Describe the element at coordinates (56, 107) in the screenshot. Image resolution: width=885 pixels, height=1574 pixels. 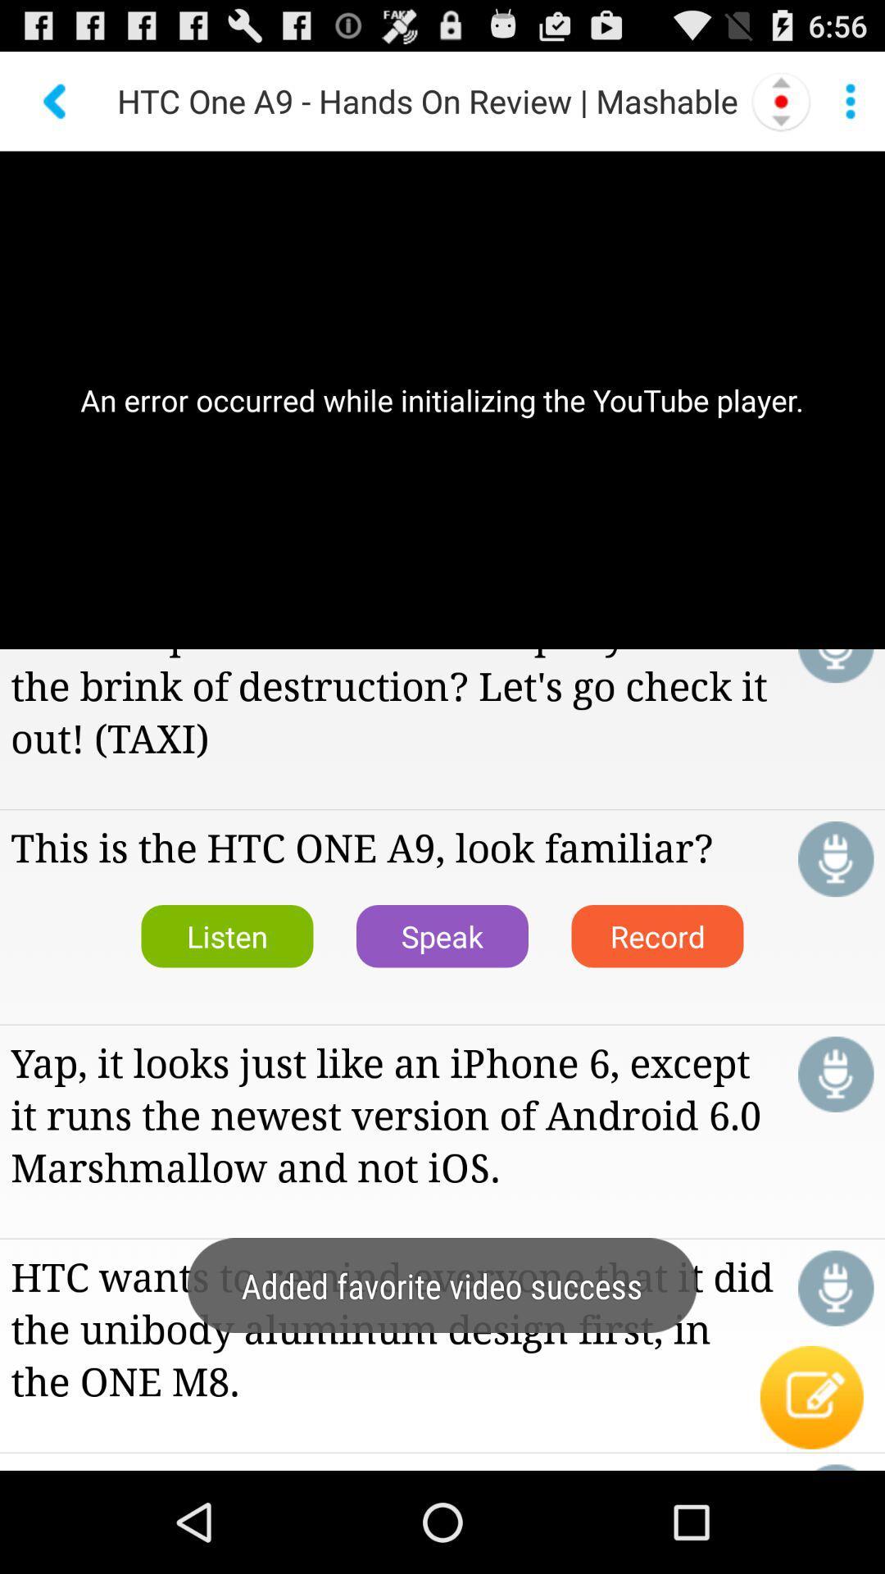
I see `the arrow_backward icon` at that location.